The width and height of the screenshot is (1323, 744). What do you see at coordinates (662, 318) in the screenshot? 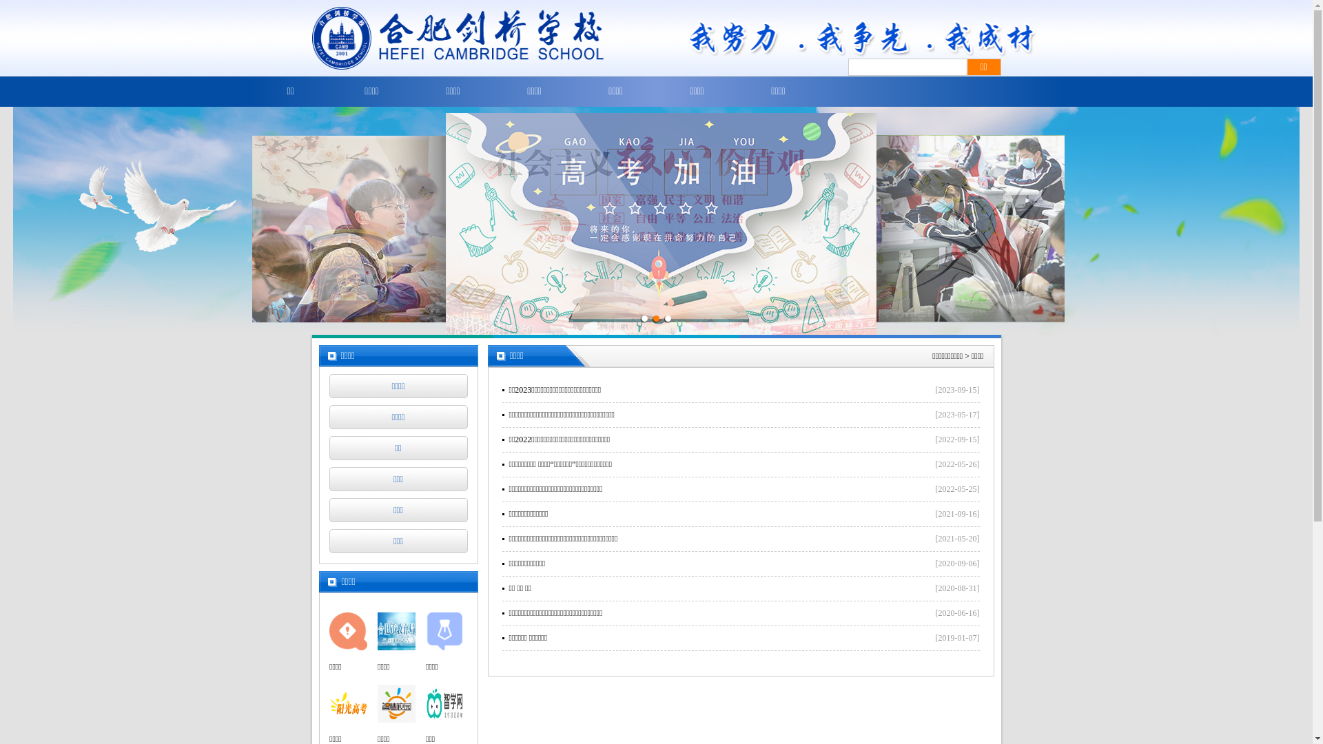
I see `'3'` at bounding box center [662, 318].